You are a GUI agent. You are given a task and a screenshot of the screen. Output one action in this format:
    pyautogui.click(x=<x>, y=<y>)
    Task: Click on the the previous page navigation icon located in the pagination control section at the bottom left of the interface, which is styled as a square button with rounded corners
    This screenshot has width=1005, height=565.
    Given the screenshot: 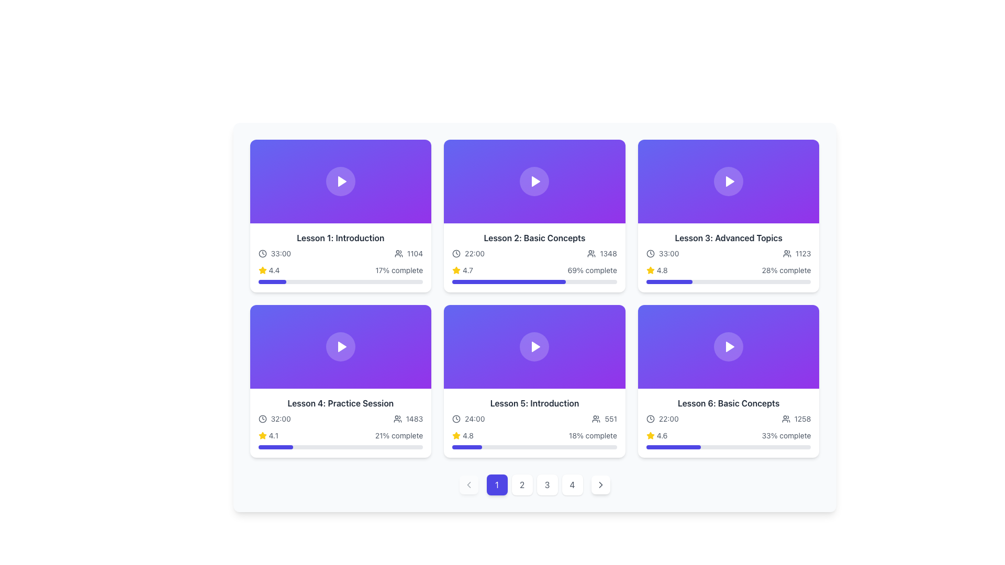 What is the action you would take?
    pyautogui.click(x=468, y=484)
    